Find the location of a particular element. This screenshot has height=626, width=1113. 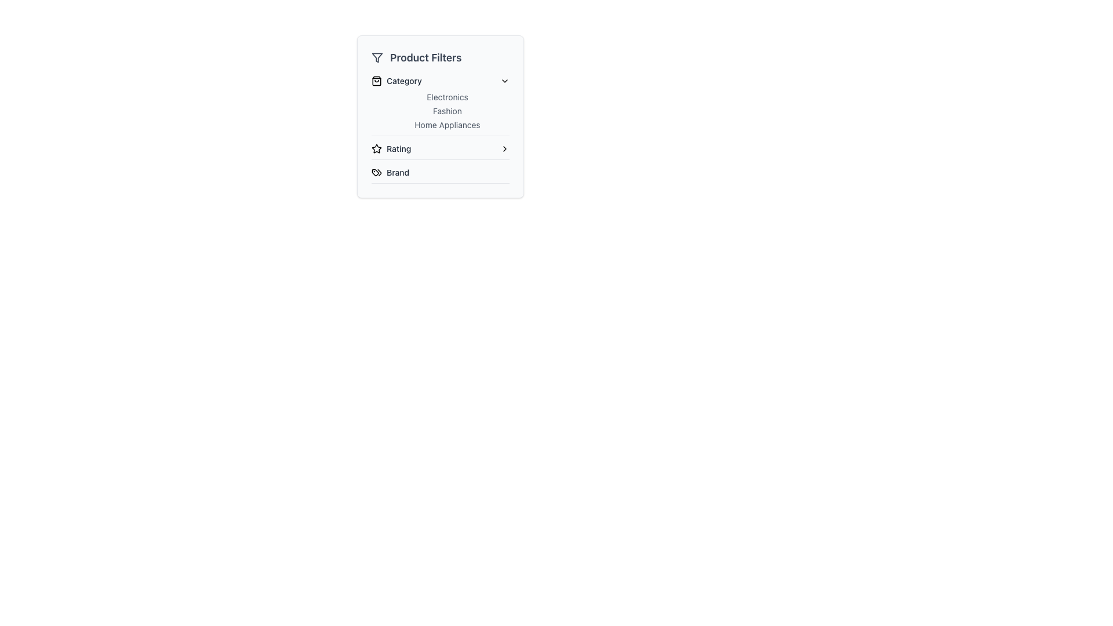

the text element reading 'Fashion' located as the second entry in the 'Category' section of the product filter panel to apply the 'Fashion' filter is located at coordinates (439, 117).